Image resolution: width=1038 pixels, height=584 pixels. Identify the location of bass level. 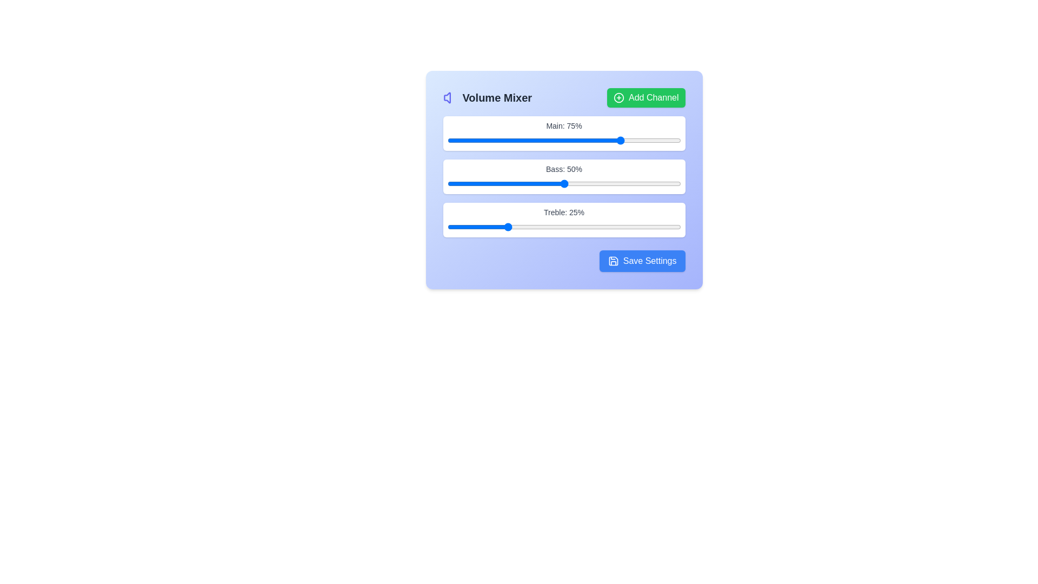
(668, 183).